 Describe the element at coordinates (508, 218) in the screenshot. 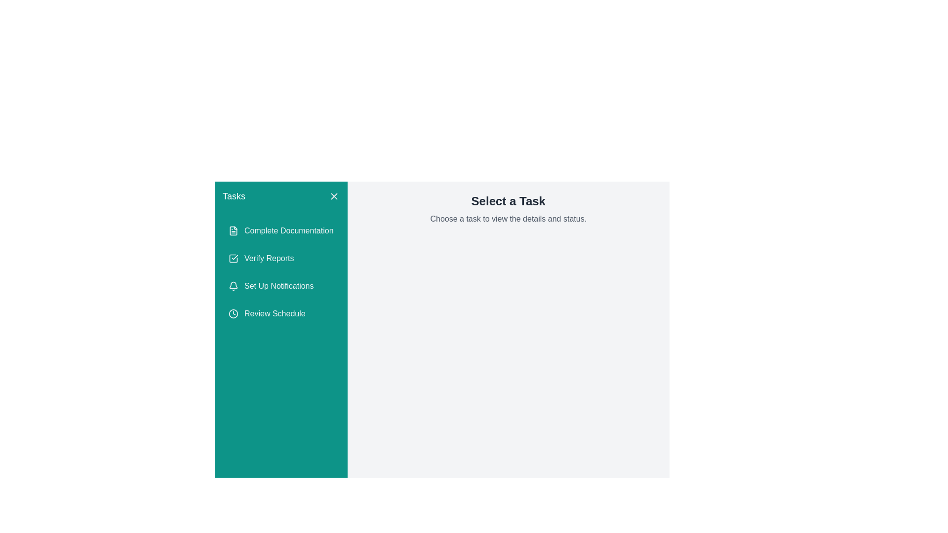

I see `the static text informational label that guides the user to select a task for further details and status updates, located beneath the header 'Select a Task'` at that location.